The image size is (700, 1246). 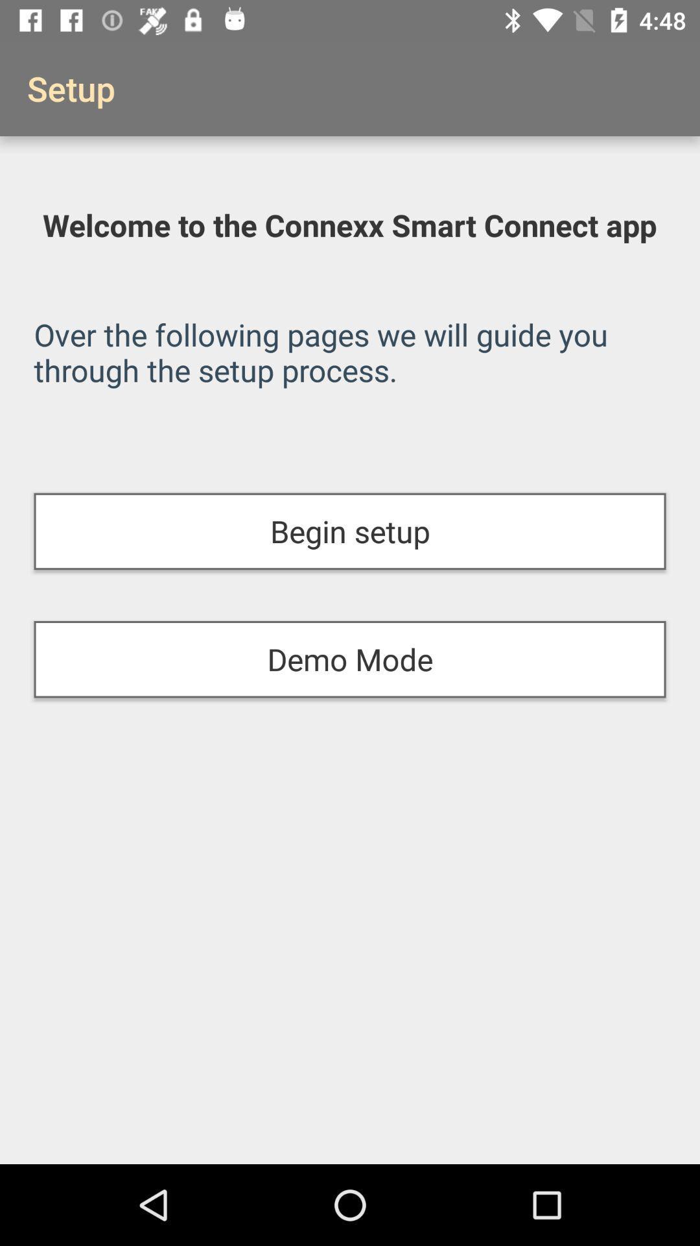 What do you see at coordinates (350, 531) in the screenshot?
I see `the item above demo mode item` at bounding box center [350, 531].